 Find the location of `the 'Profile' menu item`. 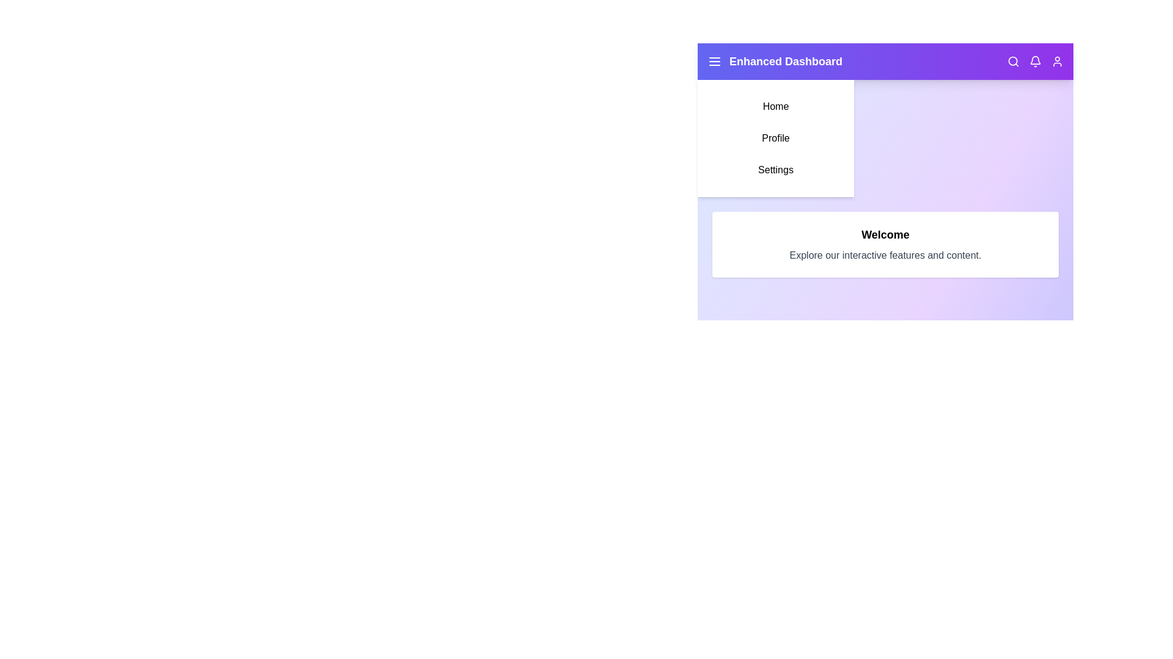

the 'Profile' menu item is located at coordinates (775, 138).